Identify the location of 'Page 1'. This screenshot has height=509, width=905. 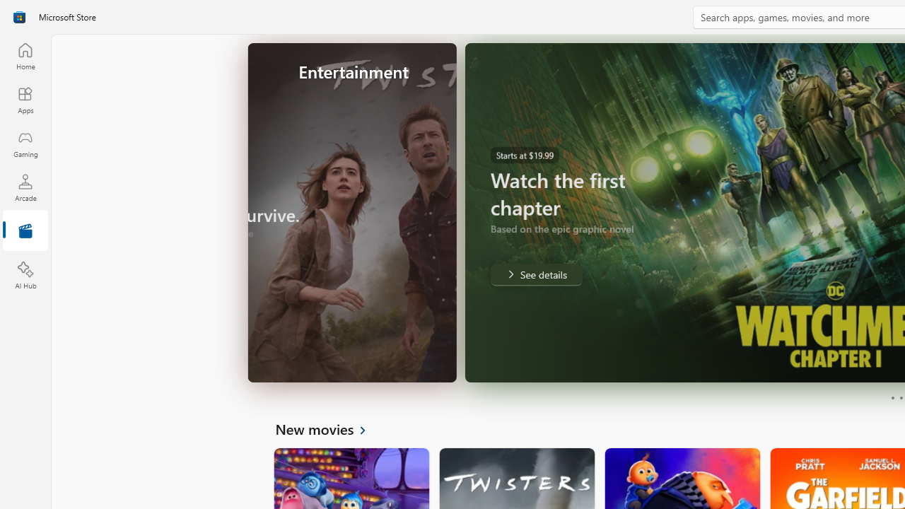
(892, 398).